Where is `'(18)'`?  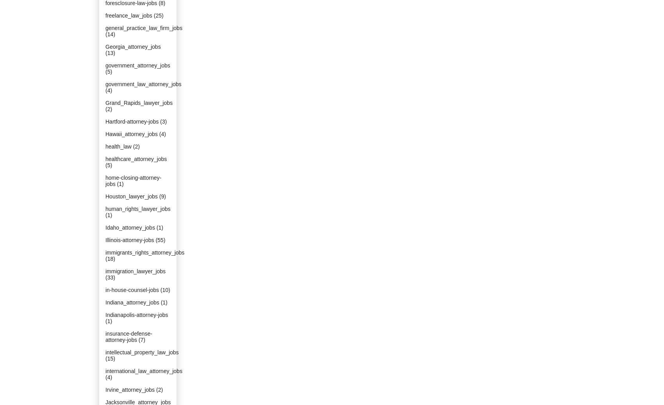
'(18)' is located at coordinates (110, 259).